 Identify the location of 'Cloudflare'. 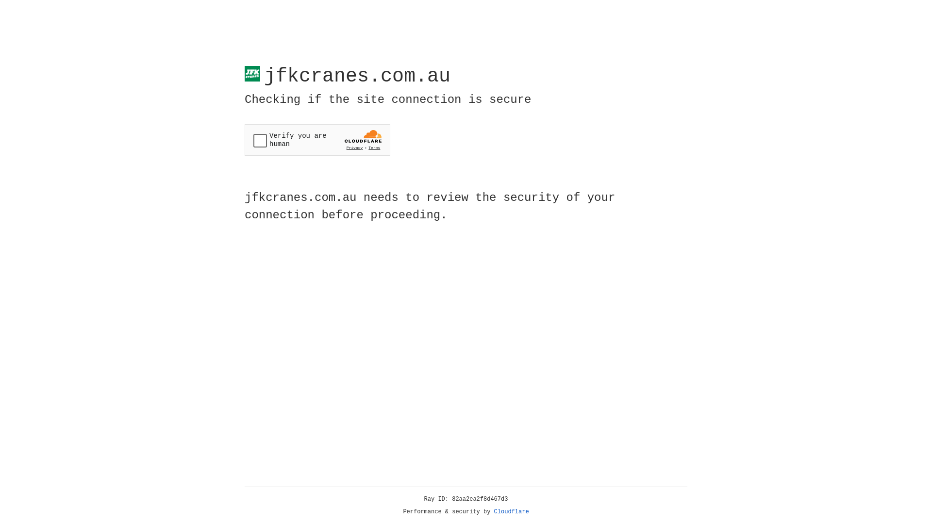
(494, 511).